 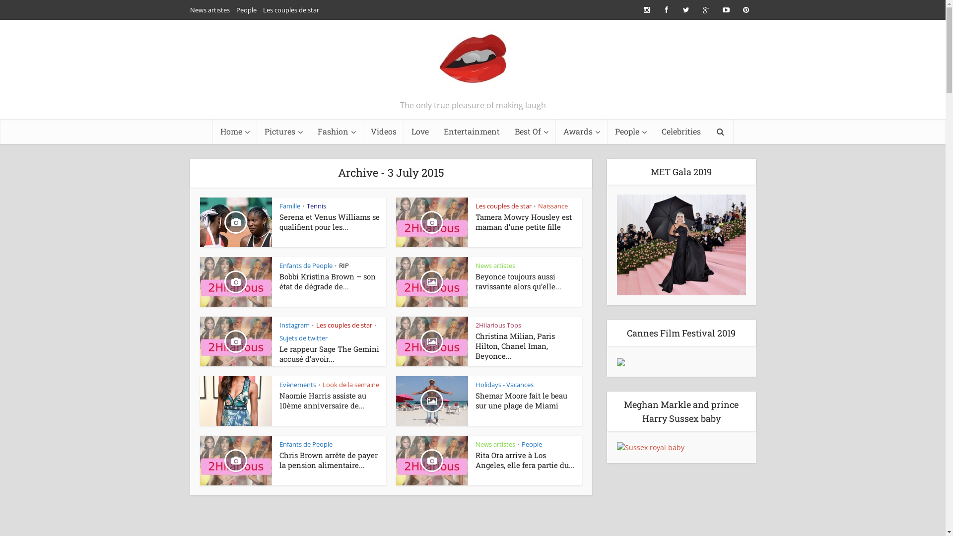 What do you see at coordinates (343, 265) in the screenshot?
I see `'RIP'` at bounding box center [343, 265].